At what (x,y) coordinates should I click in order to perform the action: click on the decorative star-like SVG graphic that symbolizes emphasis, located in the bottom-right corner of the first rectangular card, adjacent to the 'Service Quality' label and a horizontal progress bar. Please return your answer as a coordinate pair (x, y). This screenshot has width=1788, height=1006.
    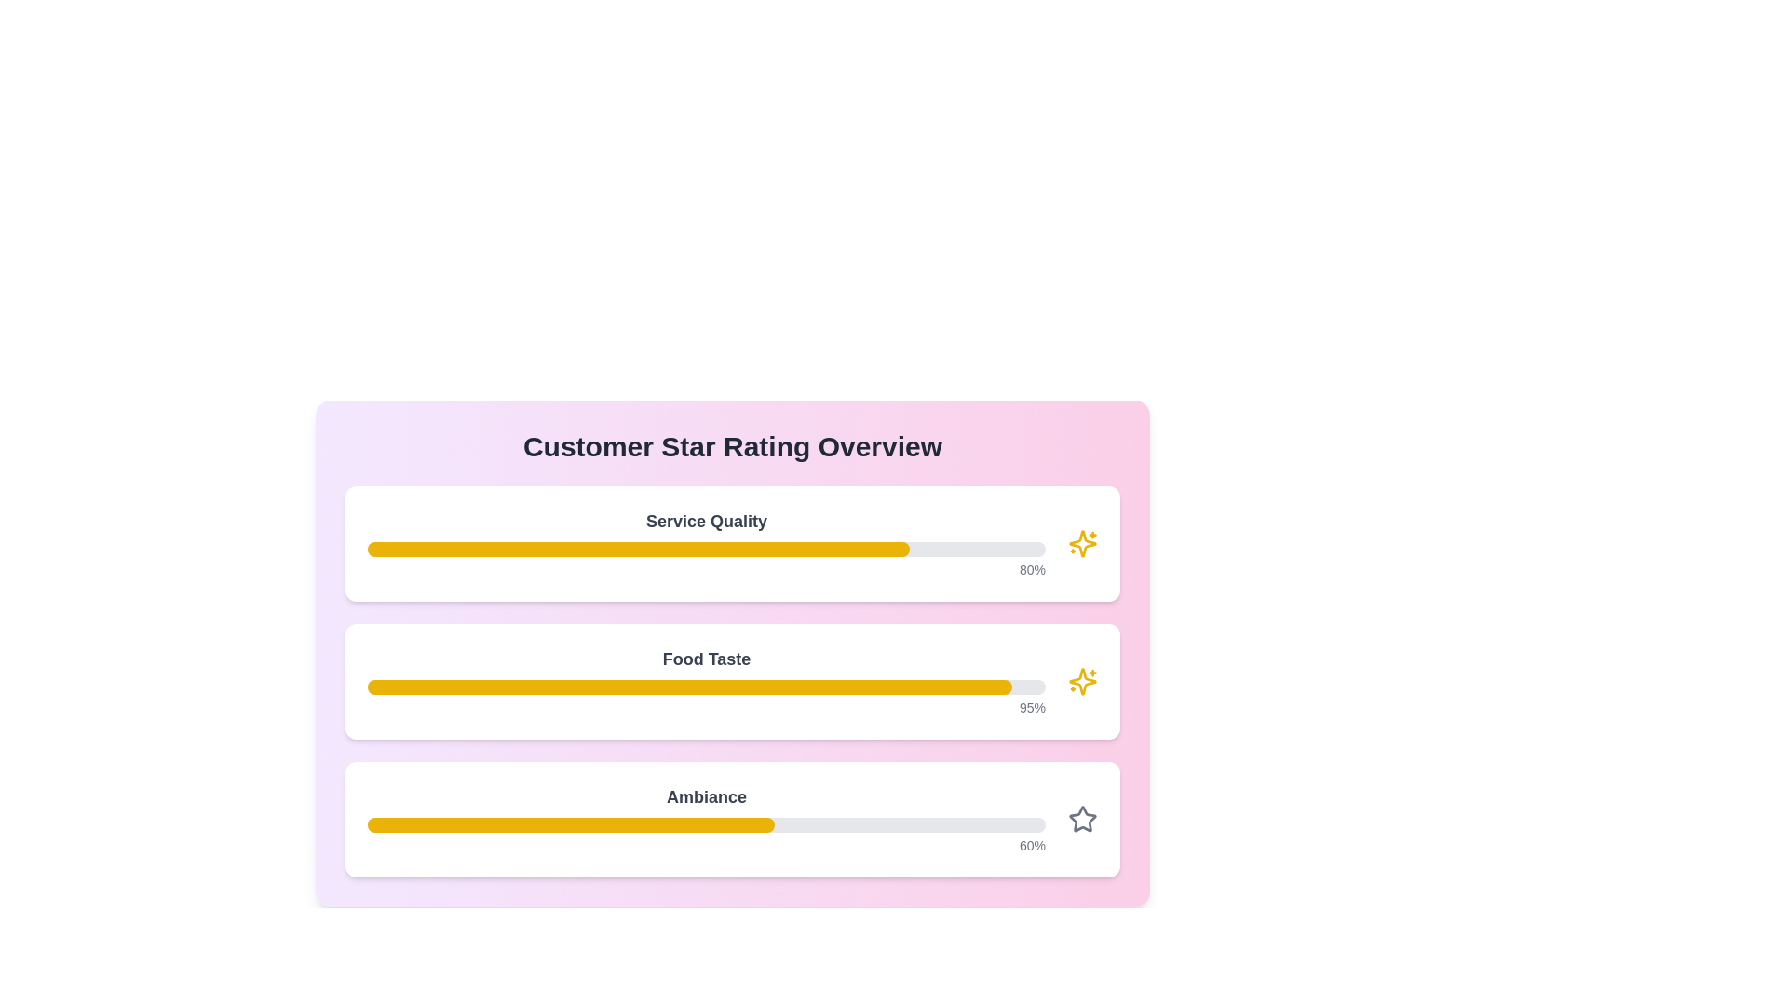
    Looking at the image, I should click on (1082, 682).